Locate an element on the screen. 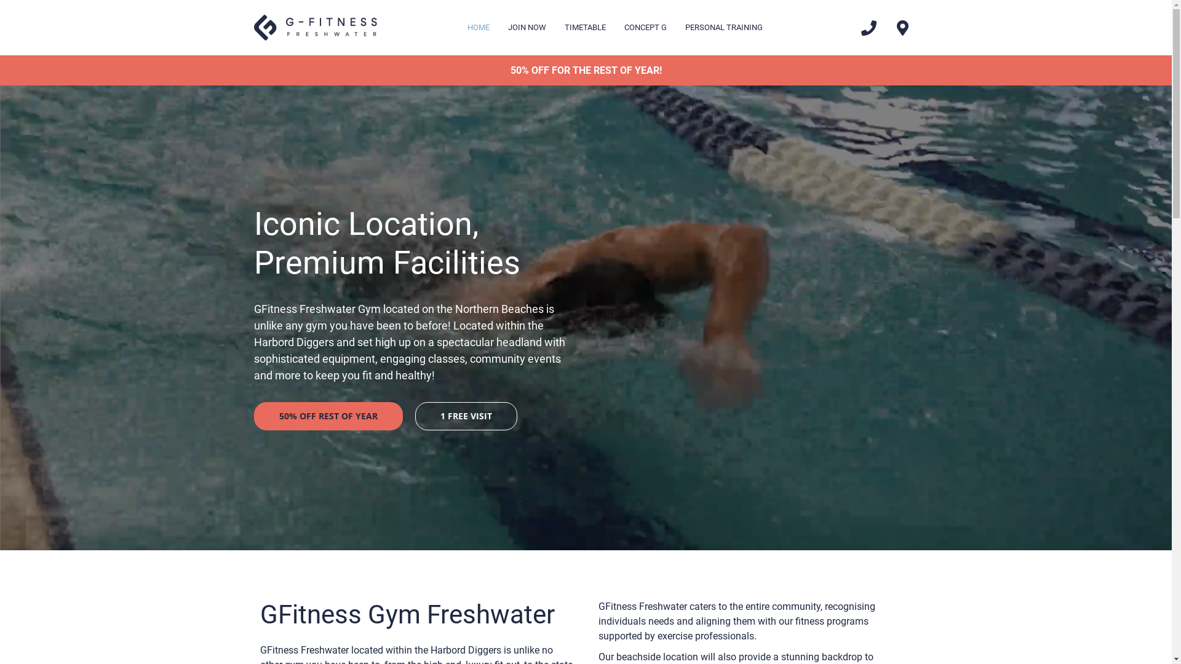 The height and width of the screenshot is (664, 1181). 'PERSONAL TRAINING' is located at coordinates (723, 28).